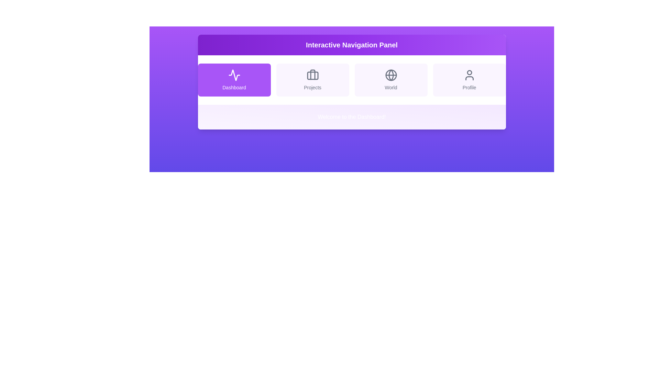 The height and width of the screenshot is (371, 660). What do you see at coordinates (391, 79) in the screenshot?
I see `the circular globe button labeled 'World'` at bounding box center [391, 79].